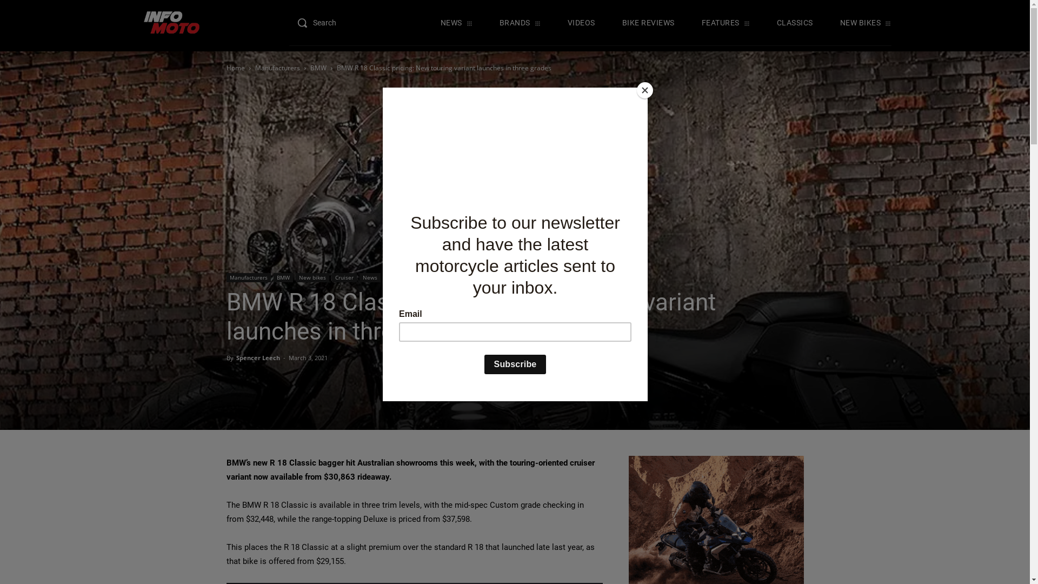 This screenshot has height=584, width=1038. Describe the element at coordinates (866, 23) in the screenshot. I see `'NEW BIKES'` at that location.